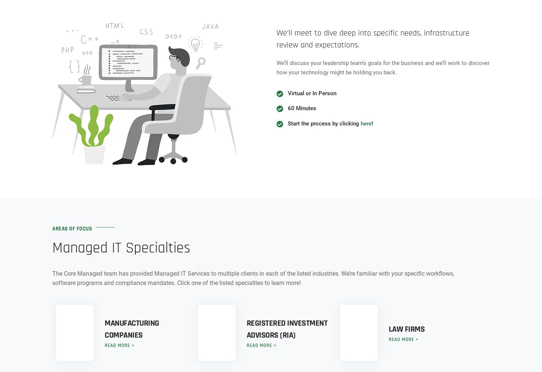 The height and width of the screenshot is (372, 542). What do you see at coordinates (366, 123) in the screenshot?
I see `'here'` at bounding box center [366, 123].